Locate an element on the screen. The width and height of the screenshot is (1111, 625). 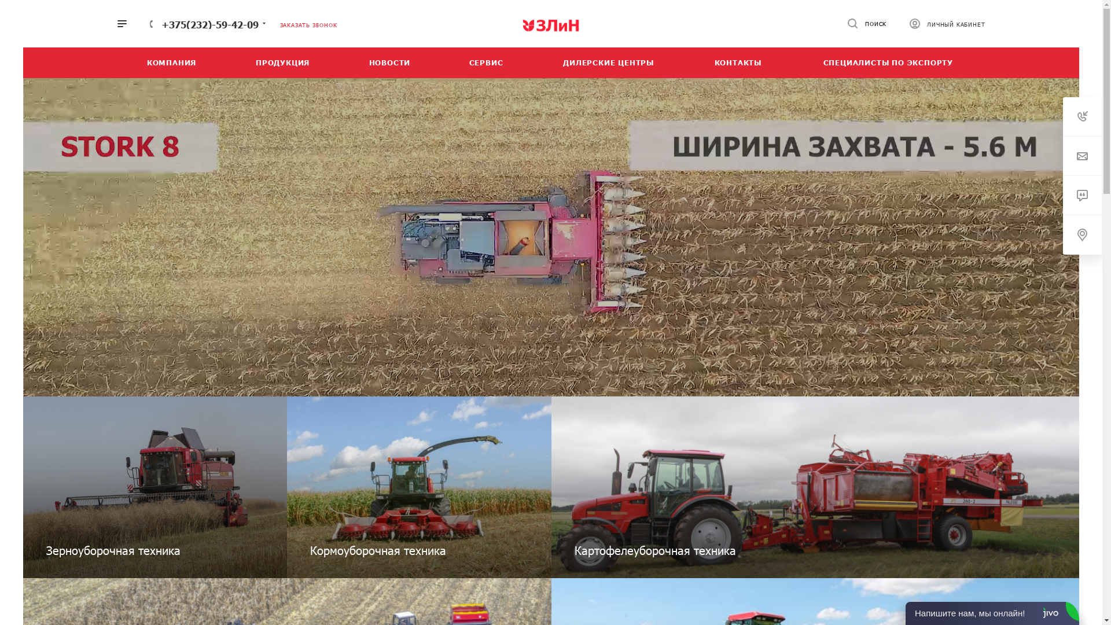
'+375(232)-59-42-09' is located at coordinates (209, 24).